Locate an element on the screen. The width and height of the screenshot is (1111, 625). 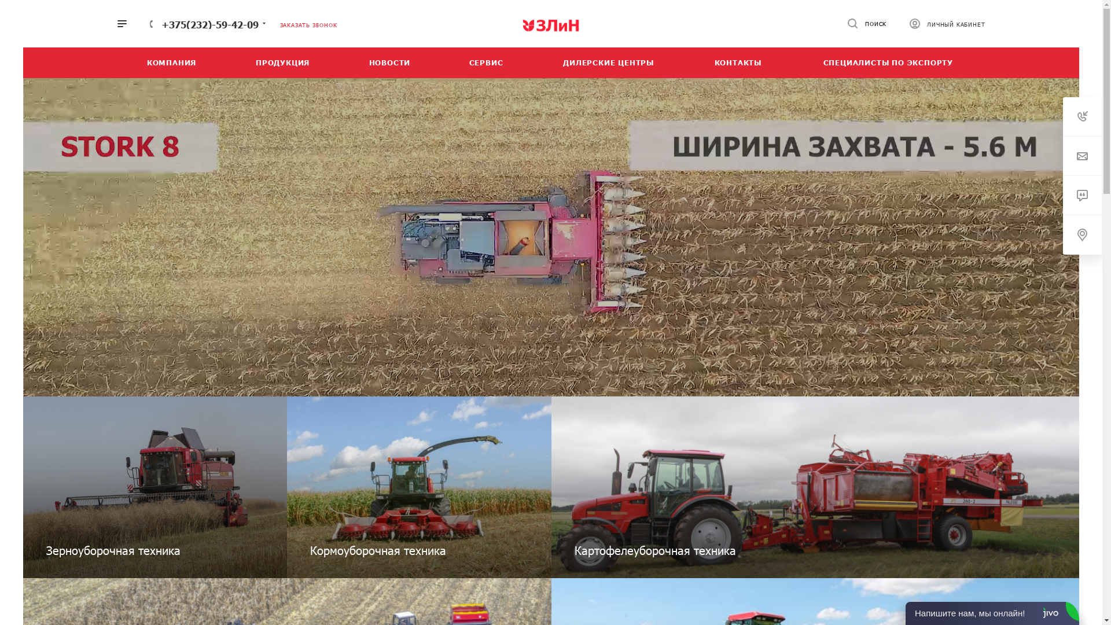
'+375(232)-59-42-09' is located at coordinates (209, 24).